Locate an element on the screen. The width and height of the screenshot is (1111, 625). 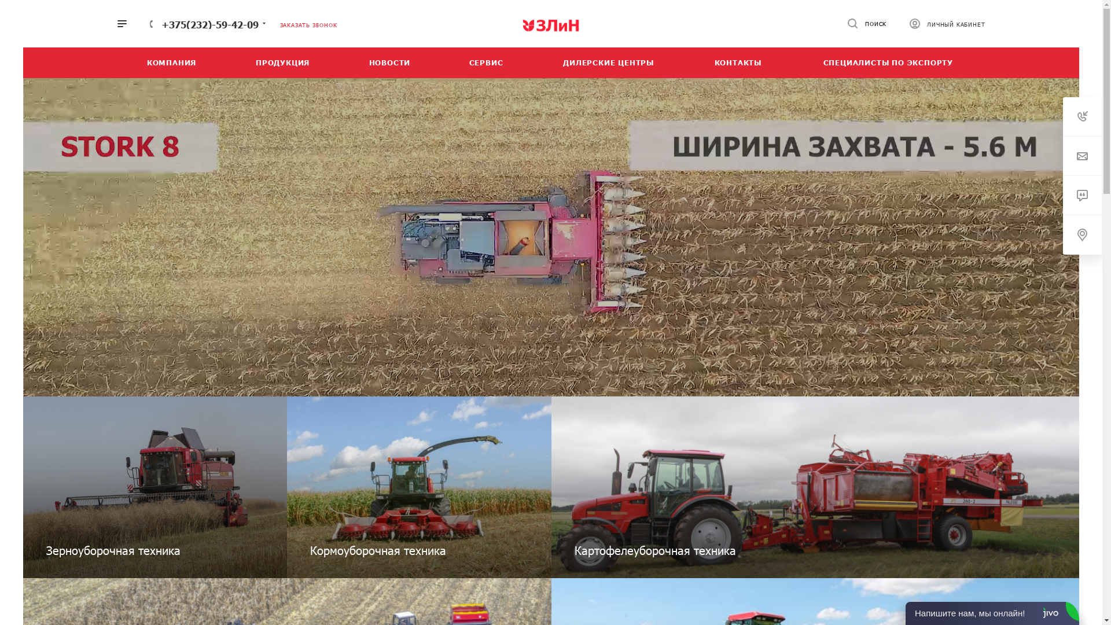
'+375(232)-59-42-09' is located at coordinates (209, 24).